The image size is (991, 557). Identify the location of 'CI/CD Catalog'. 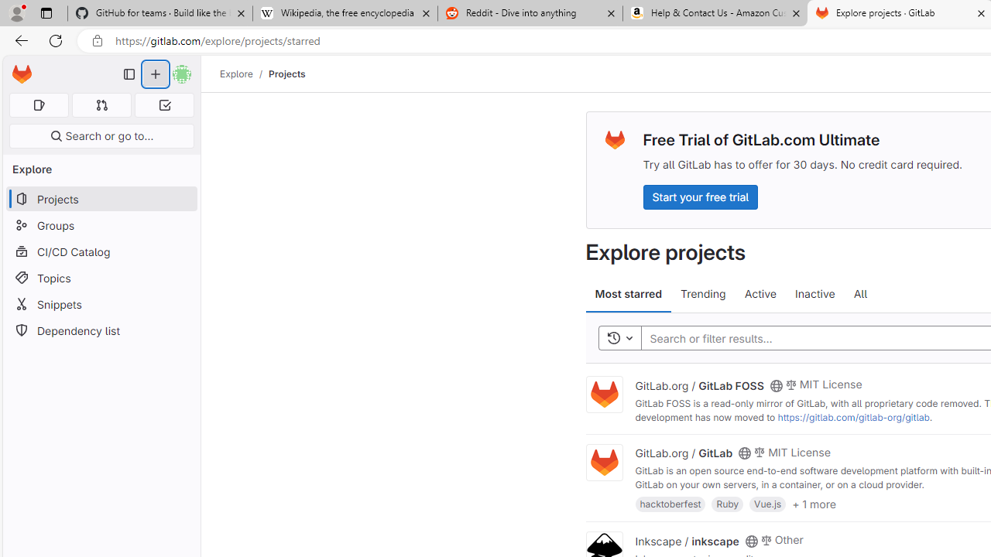
(101, 251).